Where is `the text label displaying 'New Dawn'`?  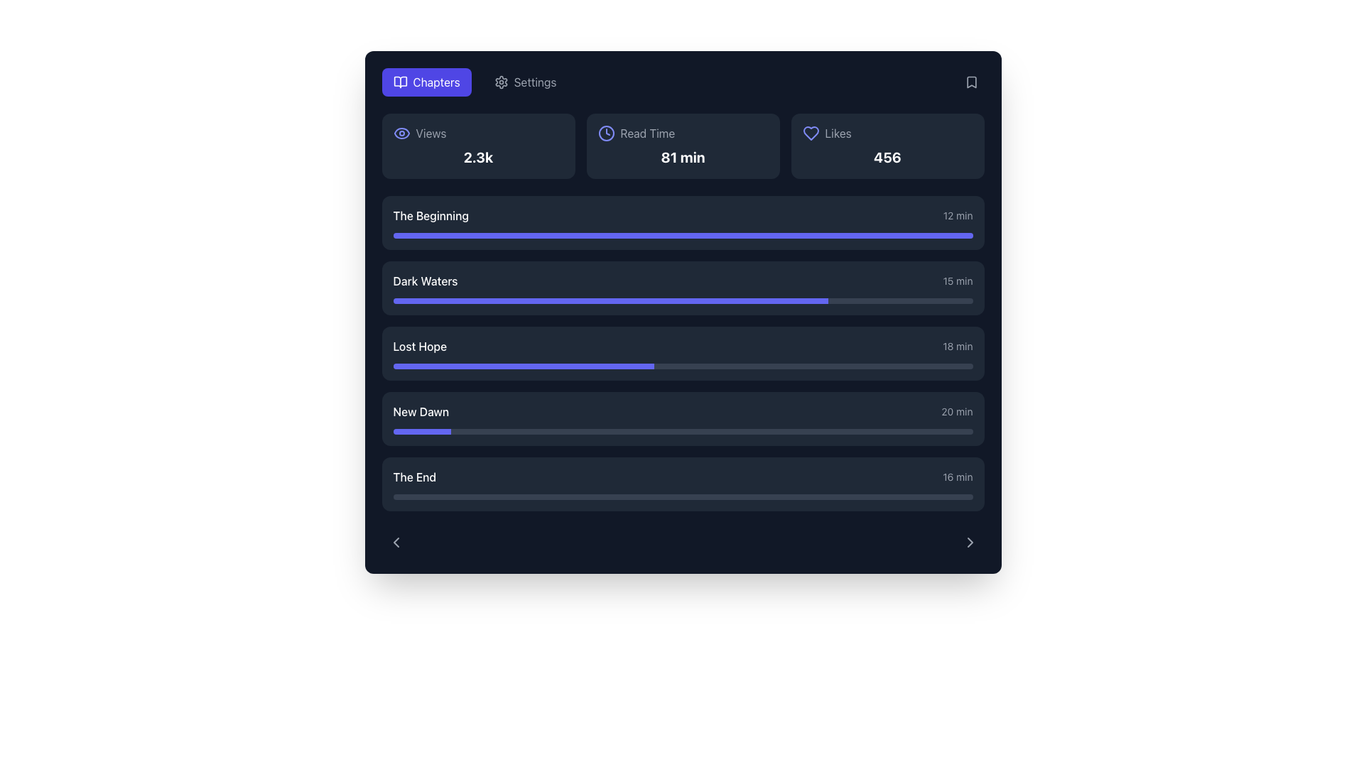
the text label displaying 'New Dawn' is located at coordinates (420, 411).